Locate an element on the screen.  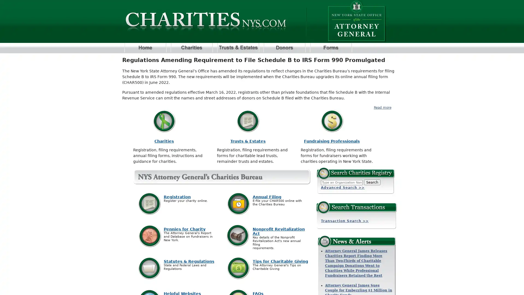
Submit is located at coordinates (372, 182).